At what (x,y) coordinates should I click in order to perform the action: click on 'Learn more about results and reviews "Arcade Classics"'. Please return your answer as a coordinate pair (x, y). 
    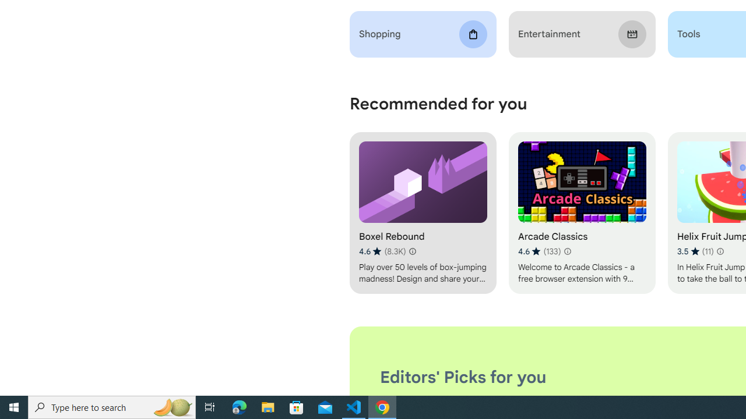
    Looking at the image, I should click on (566, 251).